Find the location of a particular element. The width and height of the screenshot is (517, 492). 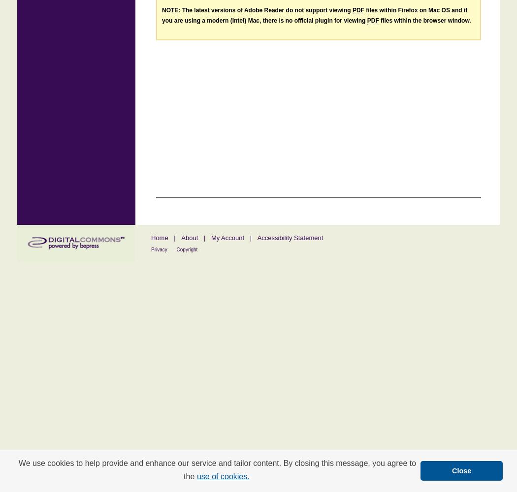

'Copyright' is located at coordinates (187, 249).